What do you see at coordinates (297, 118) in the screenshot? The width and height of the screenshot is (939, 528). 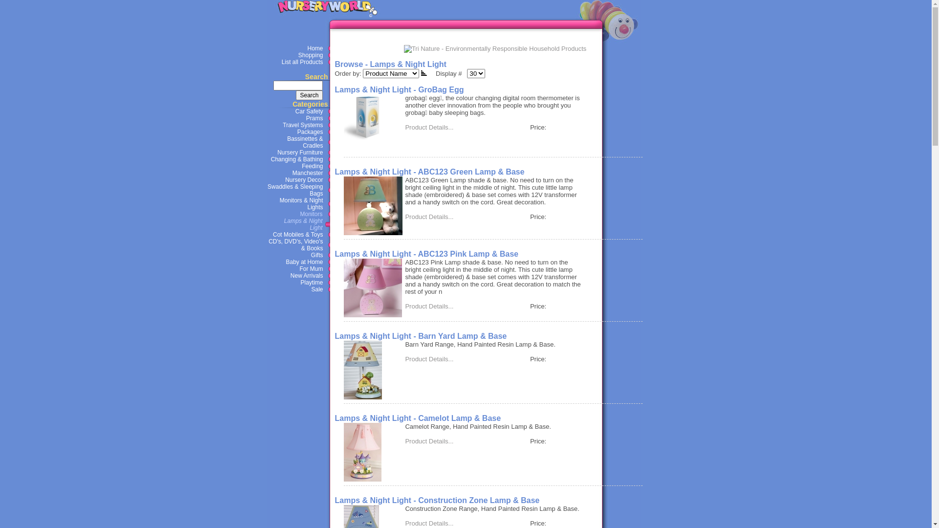 I see `'Prams'` at bounding box center [297, 118].